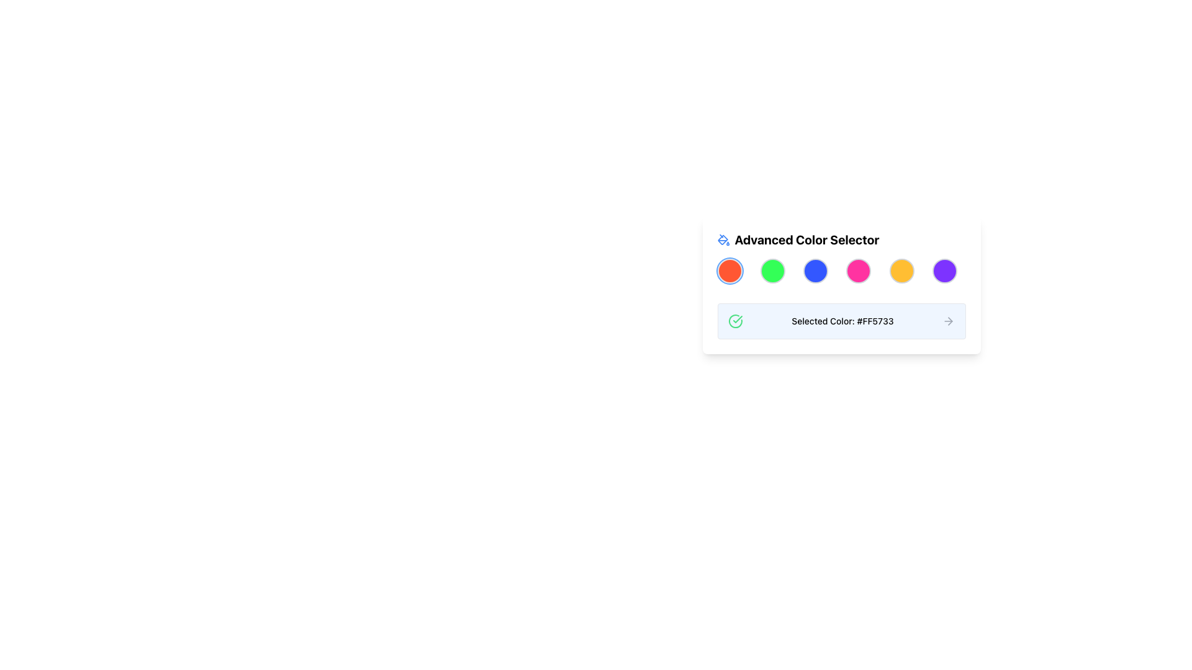 Image resolution: width=1192 pixels, height=670 pixels. Describe the element at coordinates (944, 270) in the screenshot. I see `the last circular button in the grid, which has a purple fill and a light gray outline` at that location.